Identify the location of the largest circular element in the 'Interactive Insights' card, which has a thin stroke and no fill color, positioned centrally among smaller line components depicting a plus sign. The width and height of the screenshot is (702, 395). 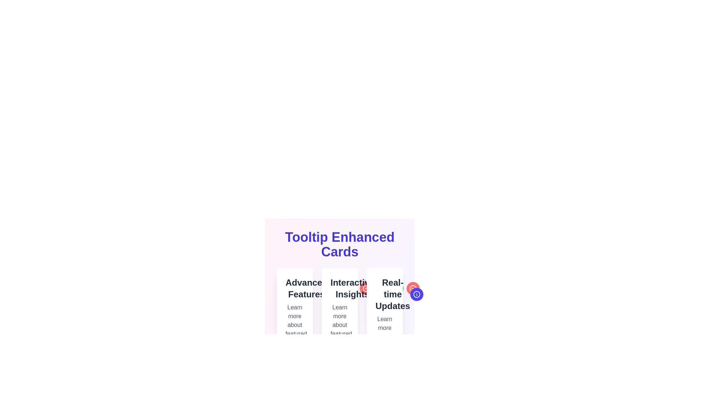
(350, 288).